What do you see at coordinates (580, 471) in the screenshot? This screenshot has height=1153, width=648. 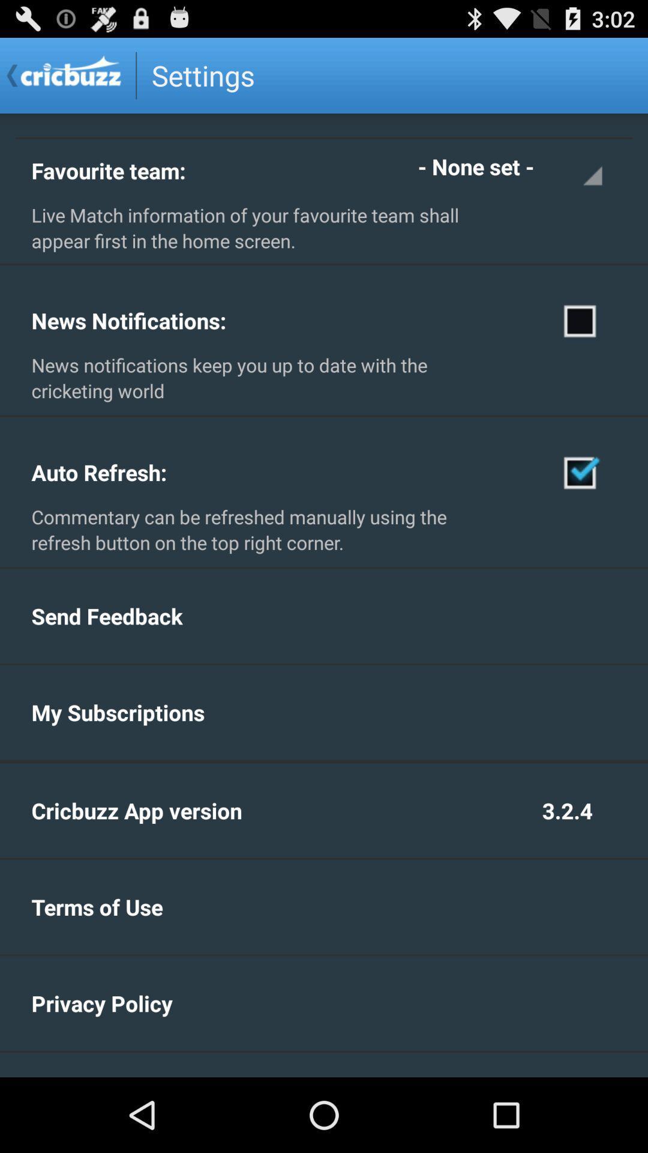 I see `validate choice` at bounding box center [580, 471].